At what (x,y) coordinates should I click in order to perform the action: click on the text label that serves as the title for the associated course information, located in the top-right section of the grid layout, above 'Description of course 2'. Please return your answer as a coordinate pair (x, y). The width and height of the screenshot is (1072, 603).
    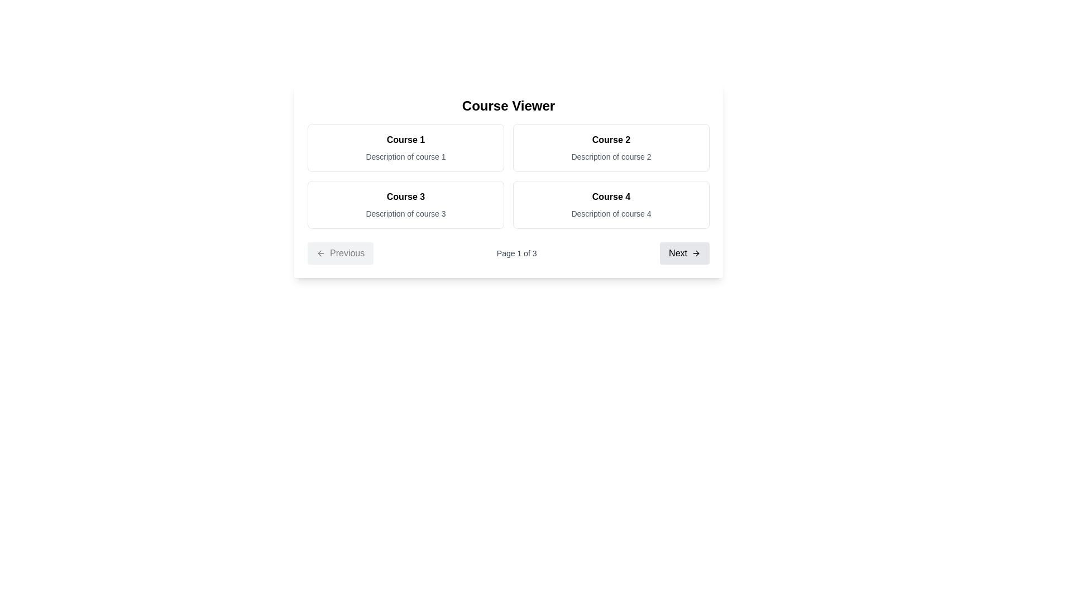
    Looking at the image, I should click on (610, 139).